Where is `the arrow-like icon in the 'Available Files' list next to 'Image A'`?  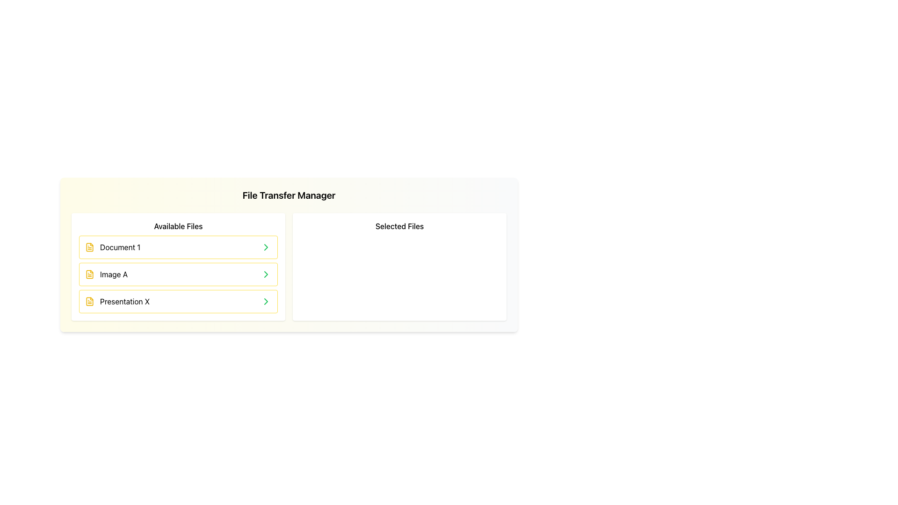
the arrow-like icon in the 'Available Files' list next to 'Image A' is located at coordinates (266, 274).